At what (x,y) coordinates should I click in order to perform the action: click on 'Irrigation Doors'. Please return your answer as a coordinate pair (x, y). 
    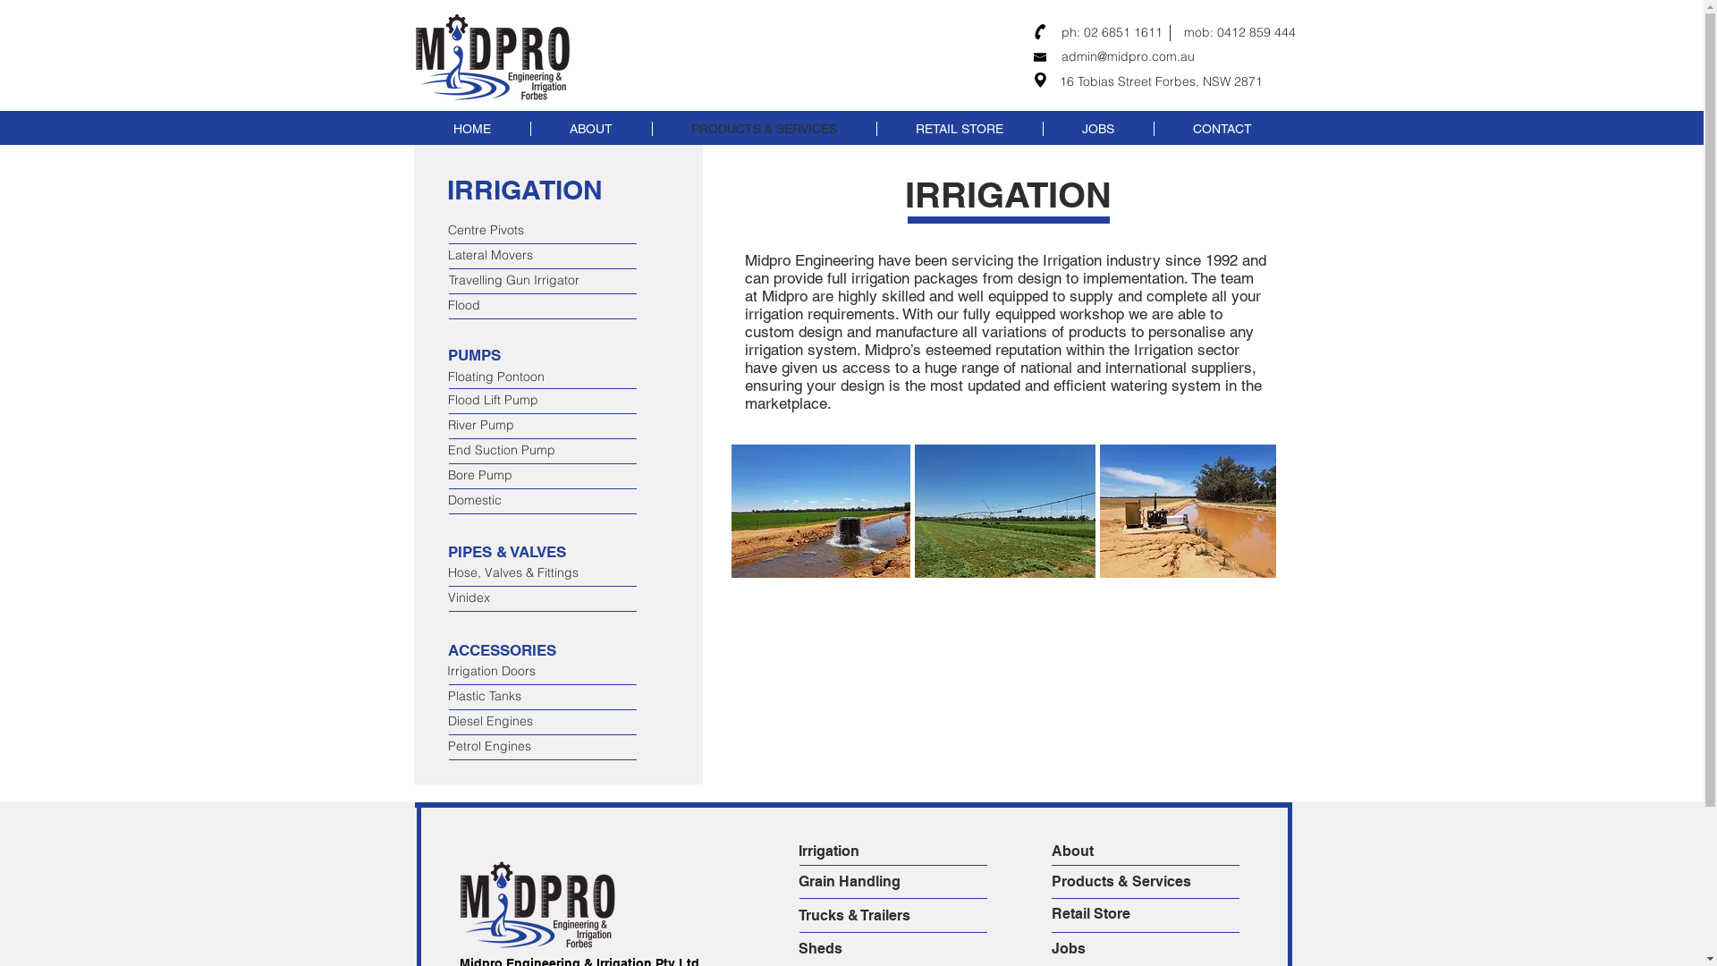
    Looking at the image, I should click on (491, 672).